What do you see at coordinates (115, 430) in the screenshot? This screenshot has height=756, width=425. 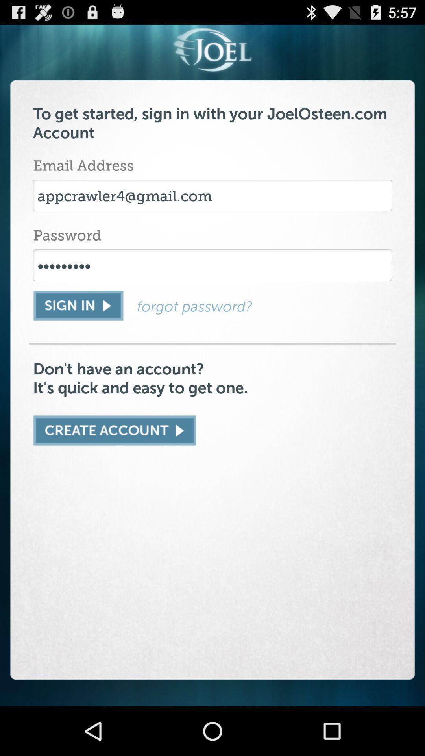 I see `an account` at bounding box center [115, 430].